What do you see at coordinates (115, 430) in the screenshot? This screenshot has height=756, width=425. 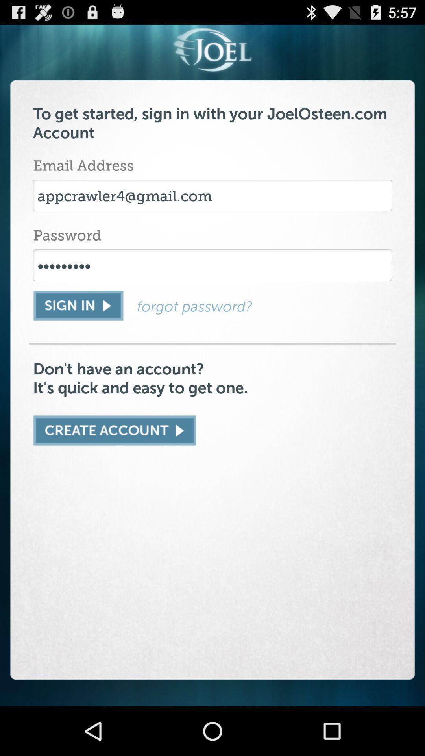 I see `an account` at bounding box center [115, 430].